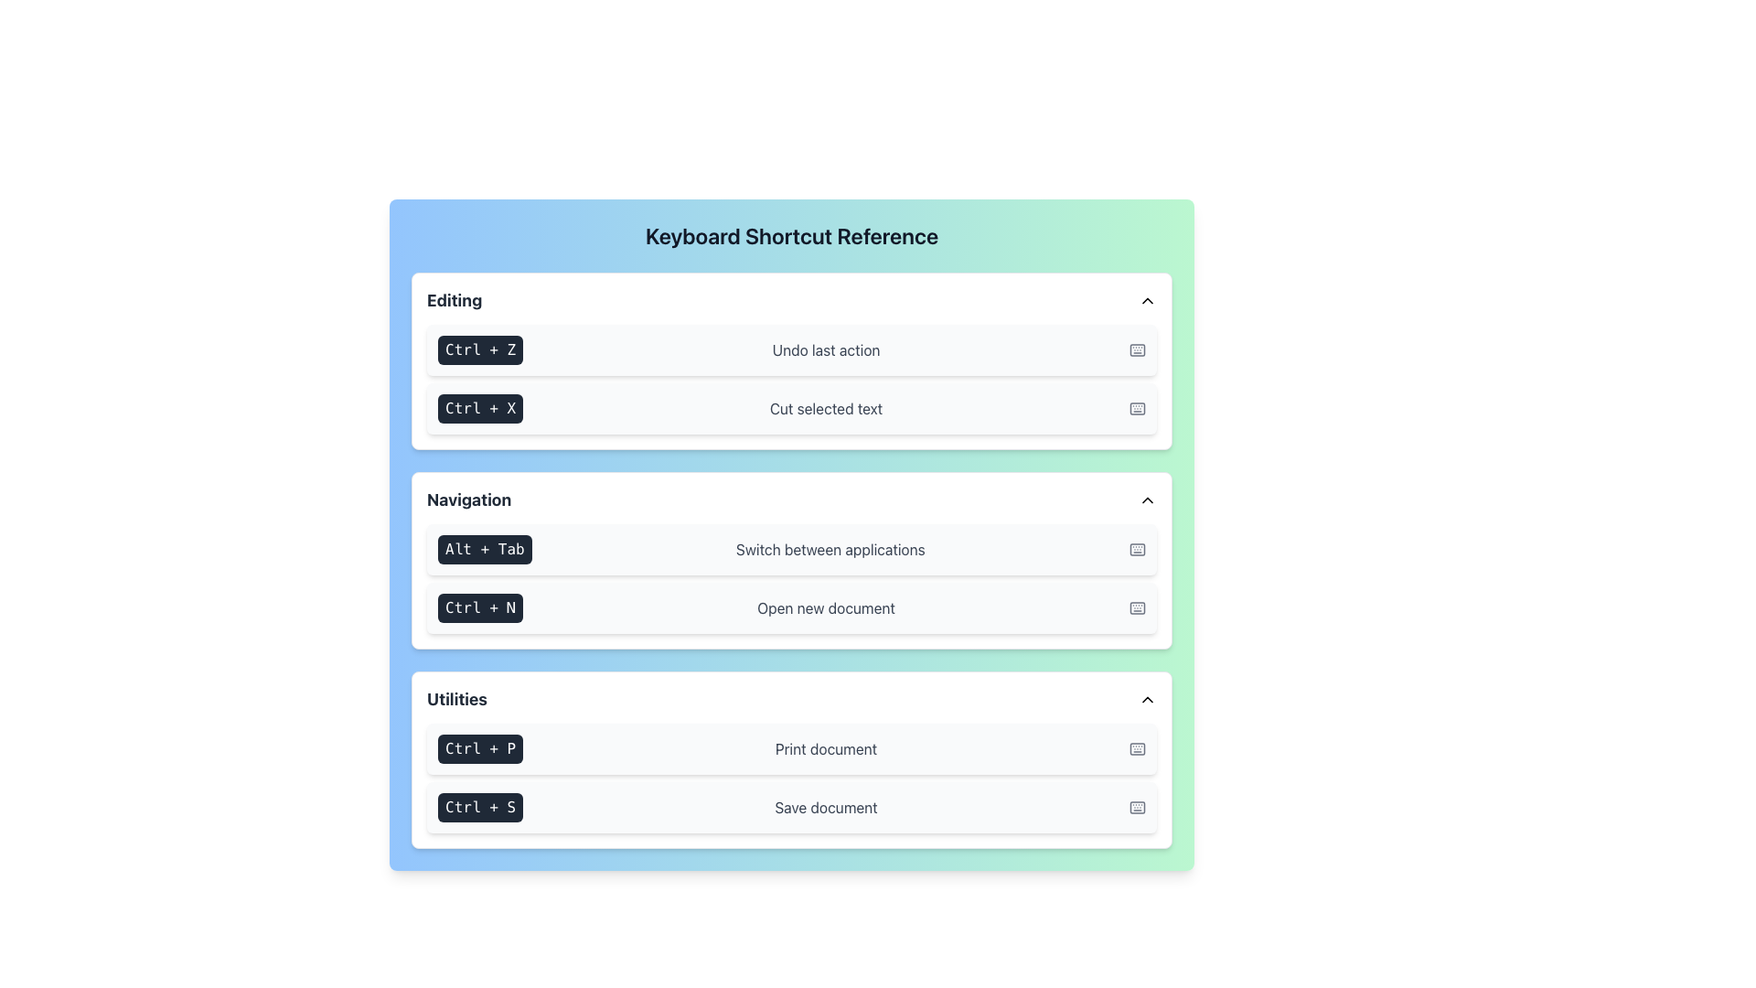  Describe the element at coordinates (1136, 408) in the screenshot. I see `the SVG keyboard icon styled with gray color that represents the 'Cut selected text' shortcut, located within a white rounded panel` at that location.